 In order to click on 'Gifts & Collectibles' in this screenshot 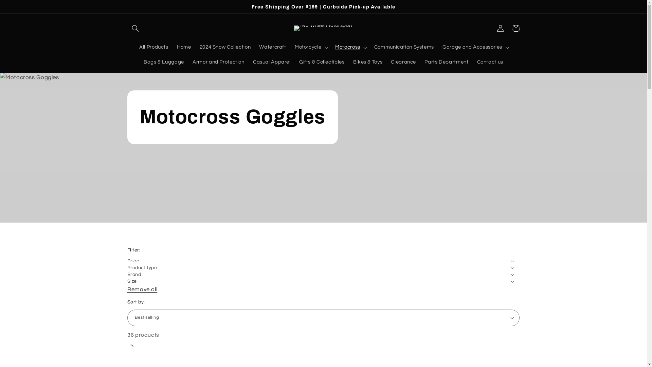, I will do `click(321, 63)`.